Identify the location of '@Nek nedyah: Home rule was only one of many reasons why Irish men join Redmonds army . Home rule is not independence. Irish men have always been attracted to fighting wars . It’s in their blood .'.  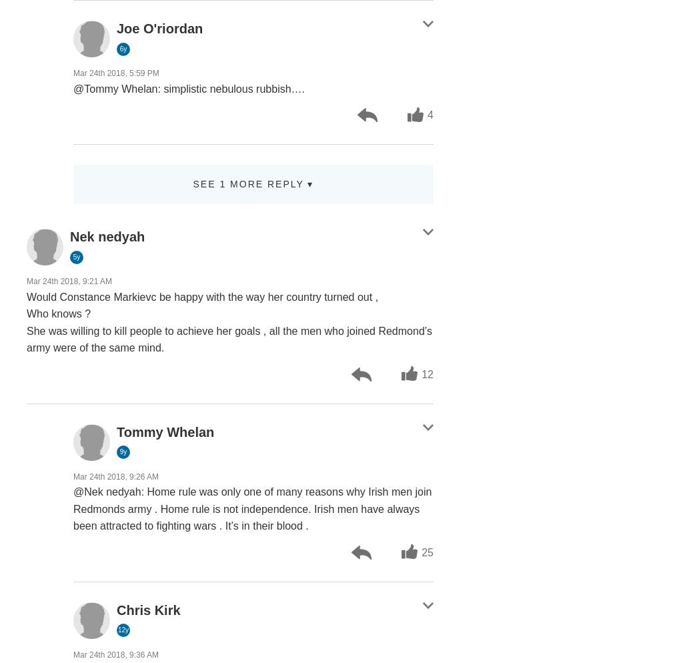
(252, 508).